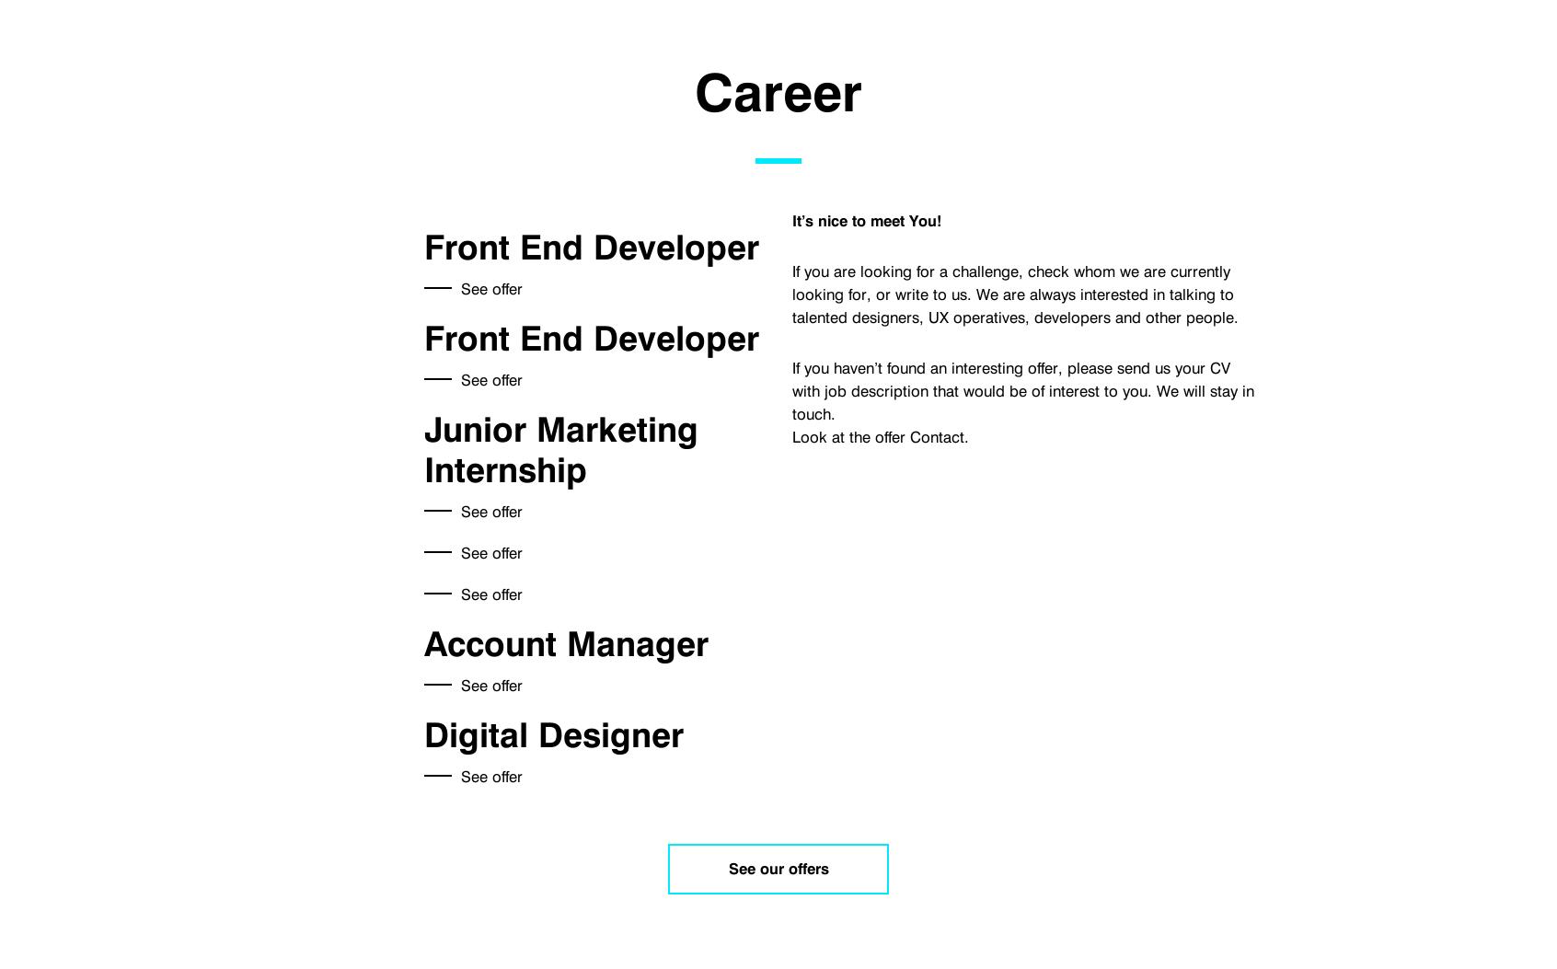  What do you see at coordinates (1015, 294) in the screenshot?
I see `'If you are looking for a challenge, check whom we are currently looking for, or write to us. We are always interested in talking to talented designers, UX operatives, developers and other people.'` at bounding box center [1015, 294].